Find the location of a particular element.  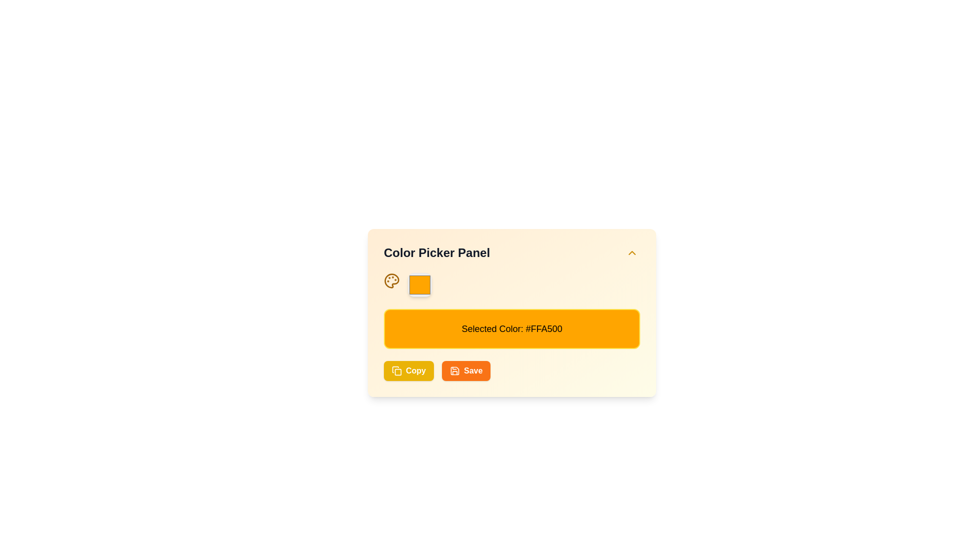

the 'Save' button, which has bold white text on an orange background with rounded corners, located next to the 'Copy' button in the lower-right corner of the color selection panel is located at coordinates (472, 370).